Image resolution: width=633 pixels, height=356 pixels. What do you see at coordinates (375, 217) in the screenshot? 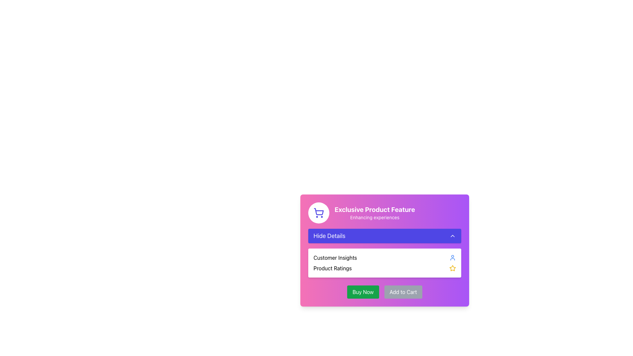
I see `text label that serves as a descriptive subtitle located immediately below the heading 'Exclusive Product Feature'` at bounding box center [375, 217].